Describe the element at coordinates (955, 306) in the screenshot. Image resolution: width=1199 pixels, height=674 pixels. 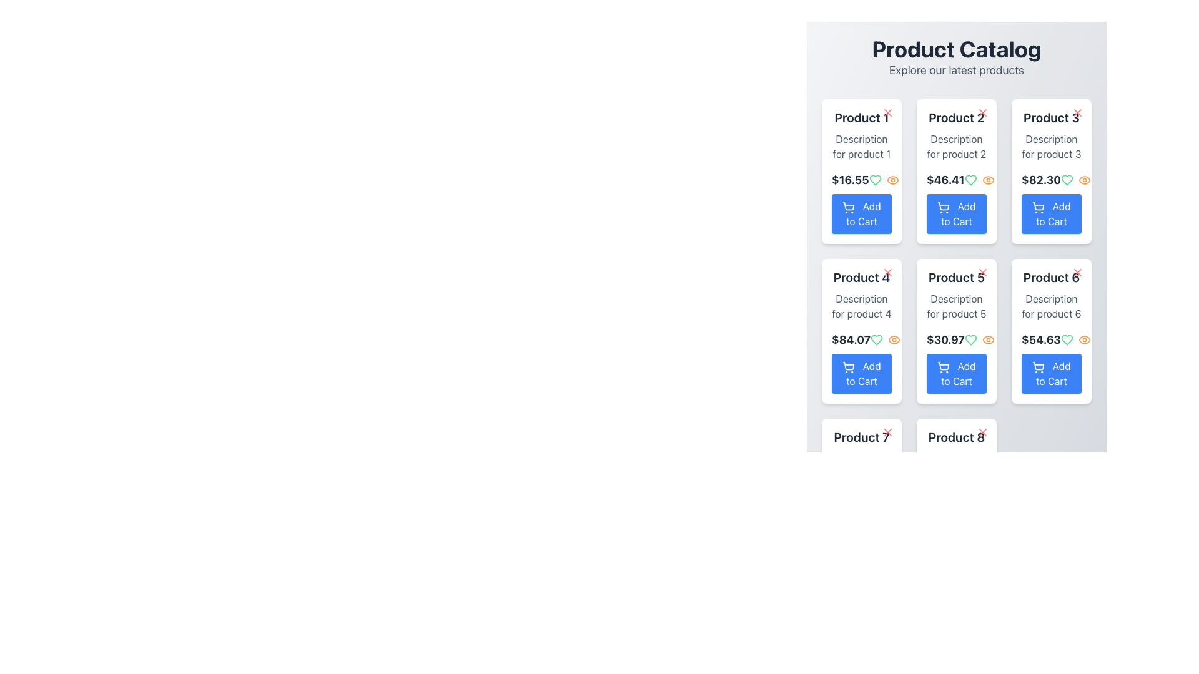
I see `descriptive information text label for 'Product 5', which is located below the product name and above the price and 'Add to Cart' button` at that location.